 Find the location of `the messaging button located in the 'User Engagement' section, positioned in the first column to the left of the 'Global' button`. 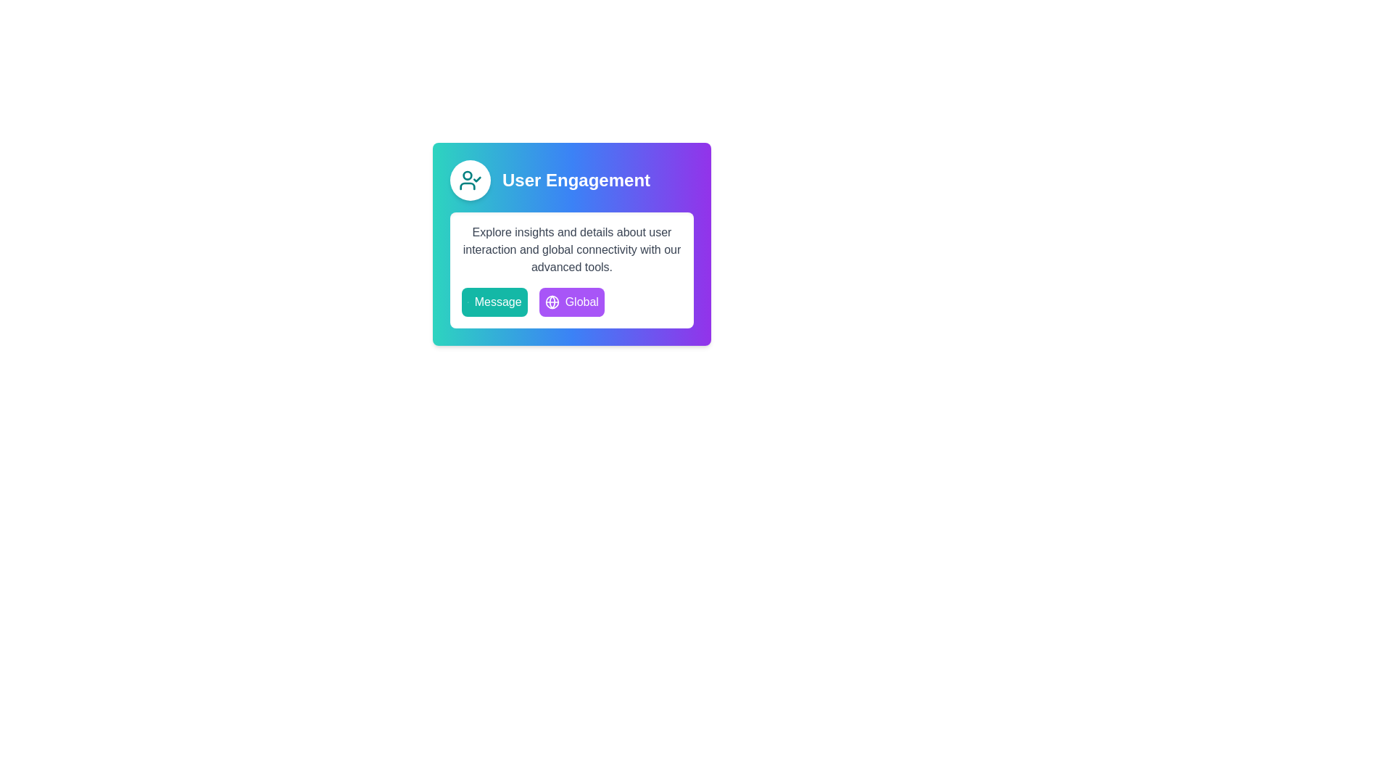

the messaging button located in the 'User Engagement' section, positioned in the first column to the left of the 'Global' button is located at coordinates (494, 301).